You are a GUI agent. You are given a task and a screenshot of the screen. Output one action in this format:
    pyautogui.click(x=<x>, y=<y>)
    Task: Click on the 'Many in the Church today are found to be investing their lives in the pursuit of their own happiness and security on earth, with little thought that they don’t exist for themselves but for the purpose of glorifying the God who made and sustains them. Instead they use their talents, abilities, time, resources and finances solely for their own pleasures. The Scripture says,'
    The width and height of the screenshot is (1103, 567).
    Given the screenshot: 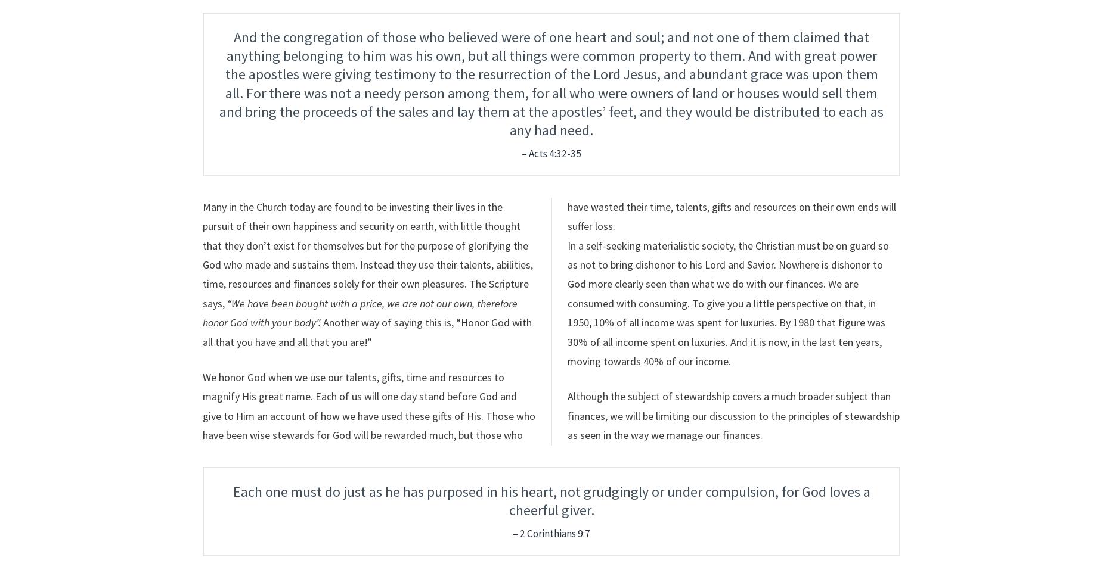 What is the action you would take?
    pyautogui.click(x=367, y=254)
    